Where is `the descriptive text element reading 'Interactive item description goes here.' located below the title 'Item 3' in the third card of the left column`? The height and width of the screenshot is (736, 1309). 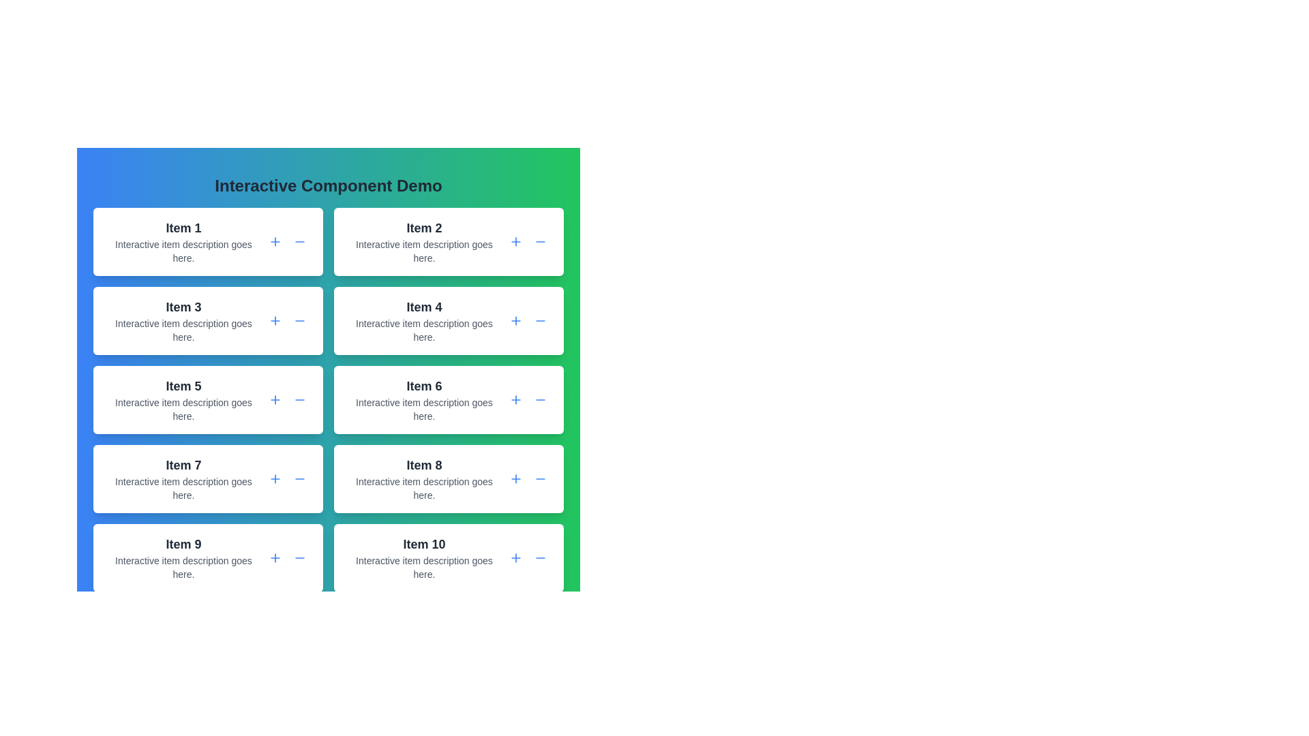 the descriptive text element reading 'Interactive item description goes here.' located below the title 'Item 3' in the third card of the left column is located at coordinates (183, 331).